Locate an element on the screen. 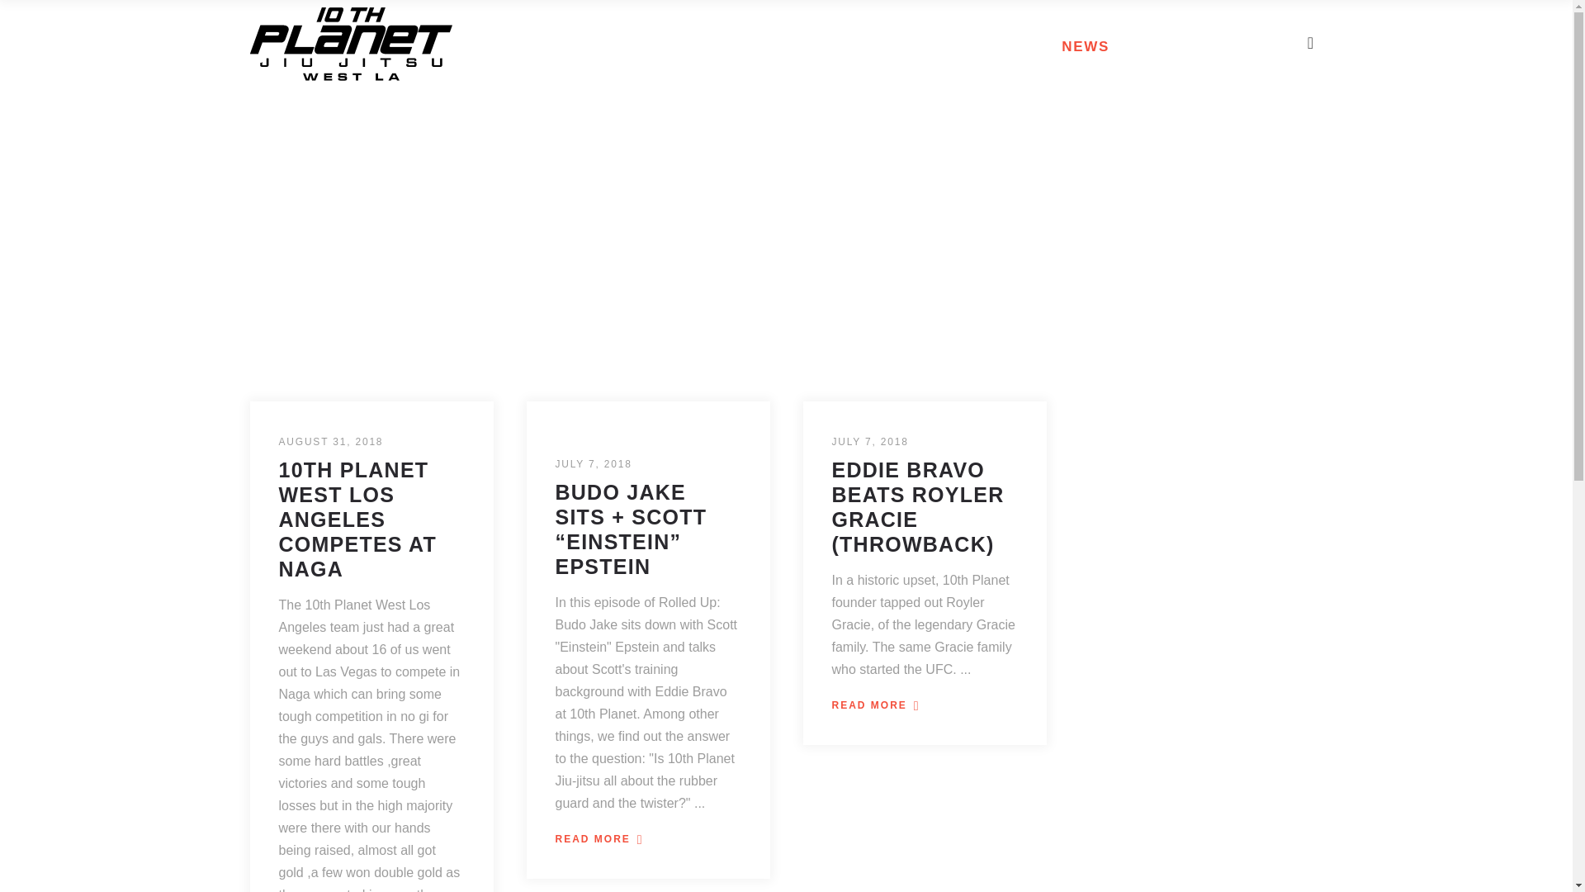  '10TH PLANET WEST LOS ANGELES COMPETES AT NAGA' is located at coordinates (357, 518).